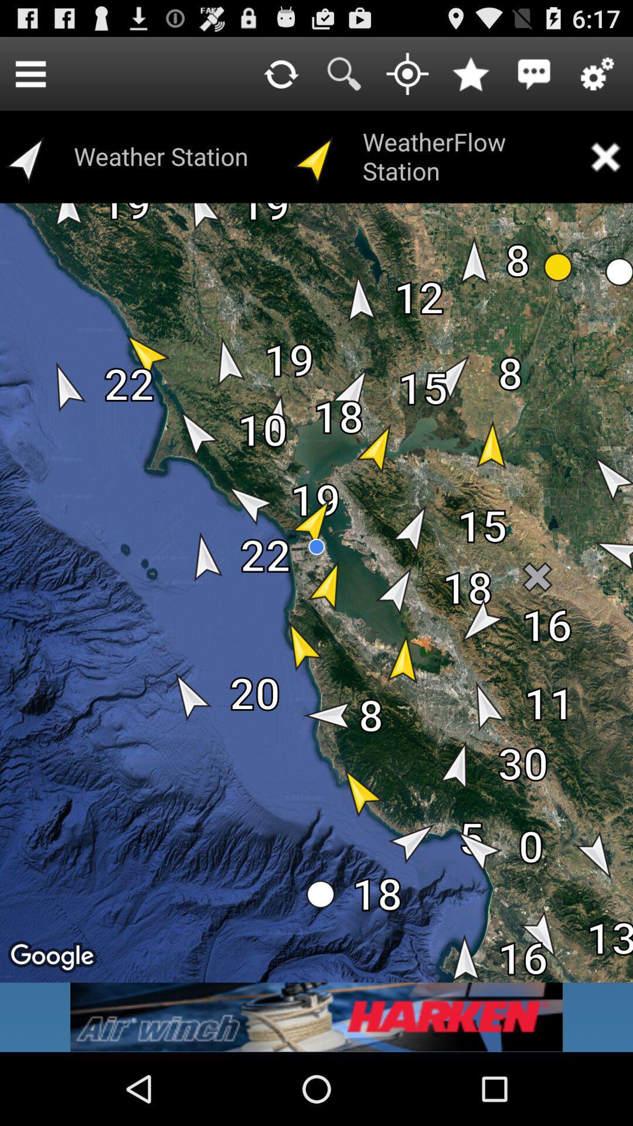 The height and width of the screenshot is (1126, 633). I want to click on icon to the left of the weather station icon, so click(30, 73).